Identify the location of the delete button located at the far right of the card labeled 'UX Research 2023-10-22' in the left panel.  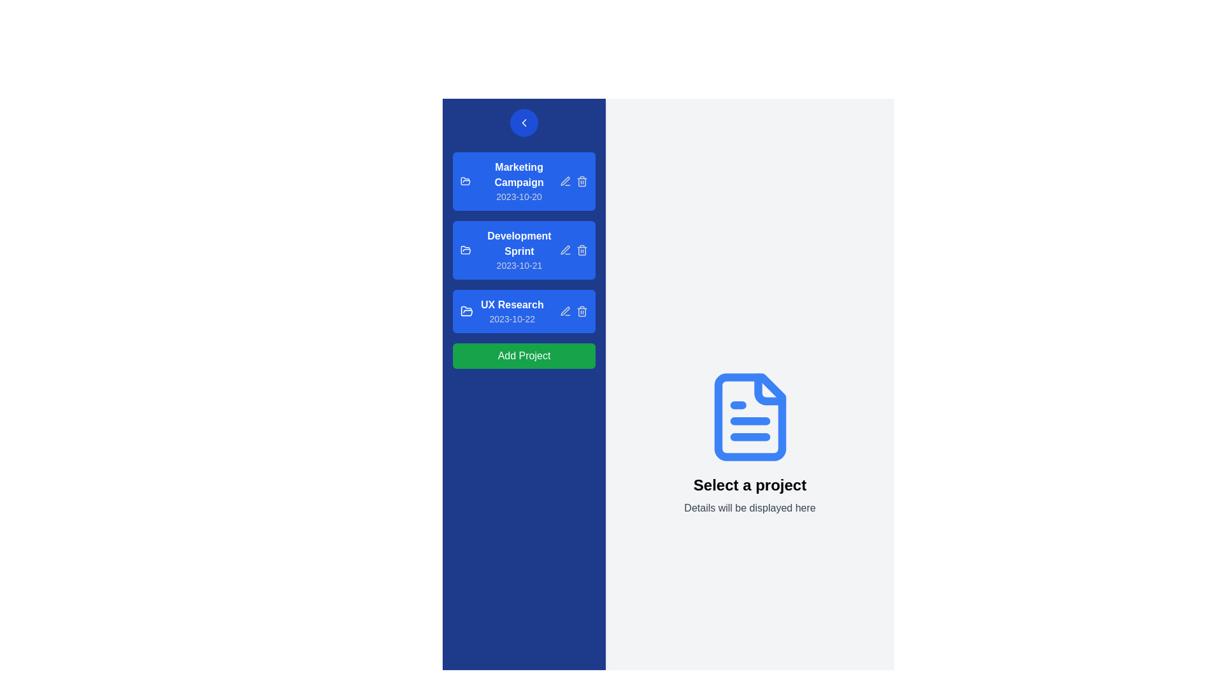
(581, 312).